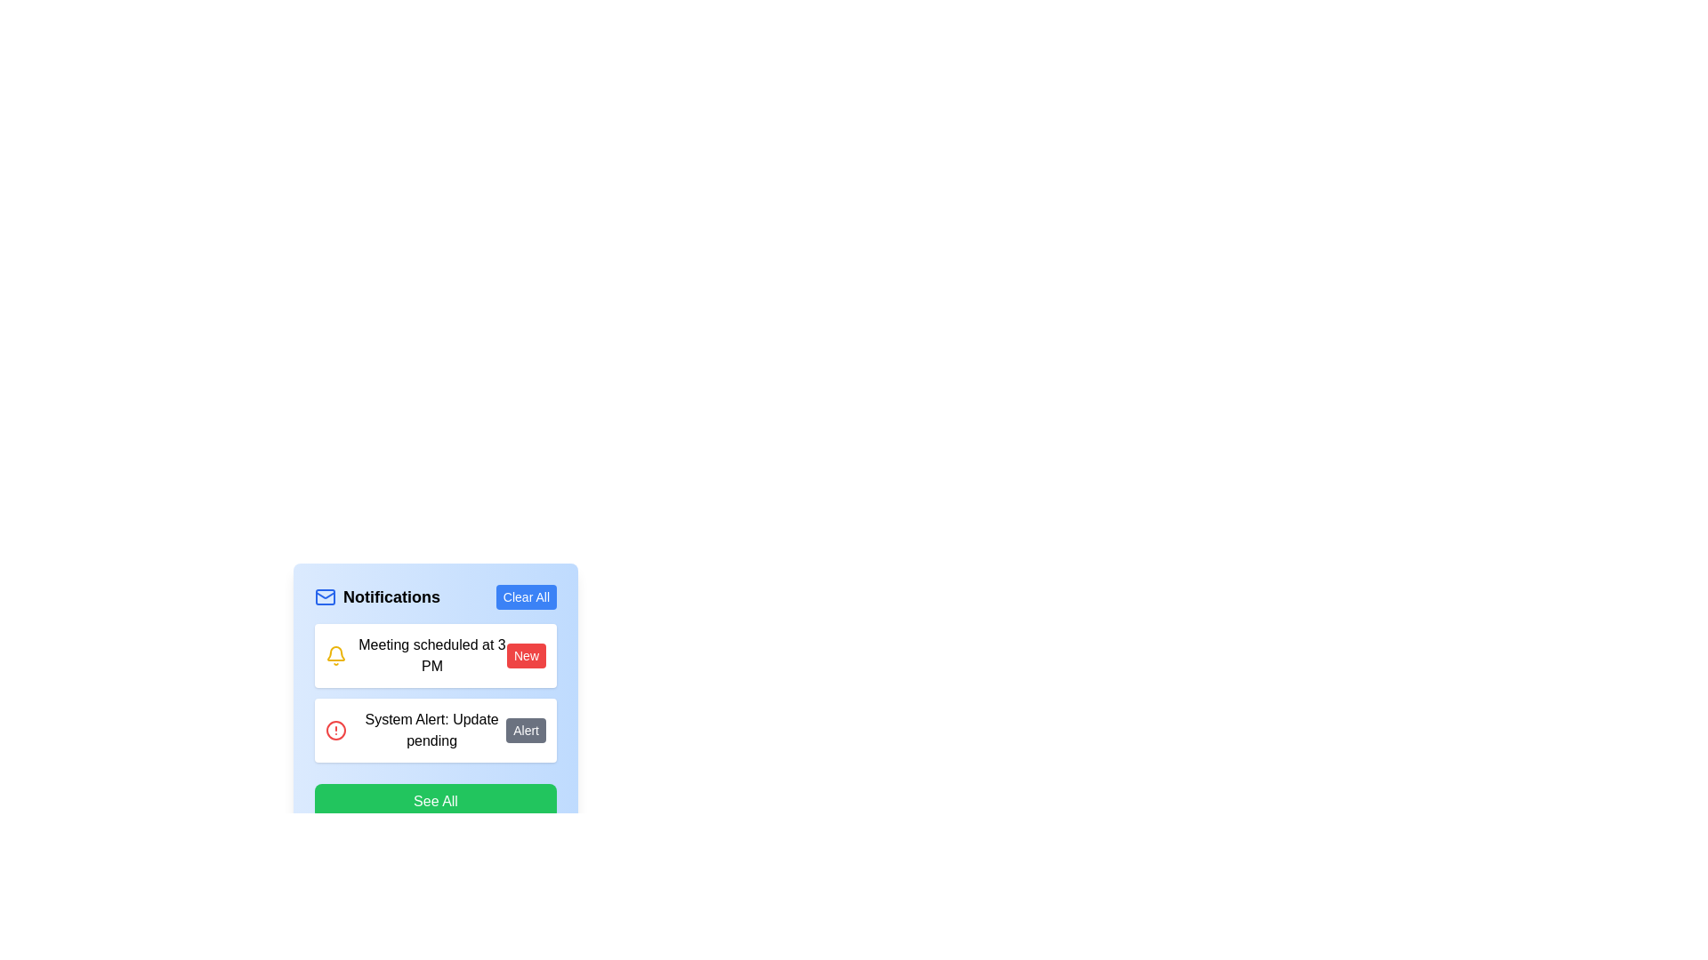  Describe the element at coordinates (325, 596) in the screenshot. I see `the mail icon represented by the blue-colored envelope in the Notifications section, located at the top-left corner of the notification panel` at that location.